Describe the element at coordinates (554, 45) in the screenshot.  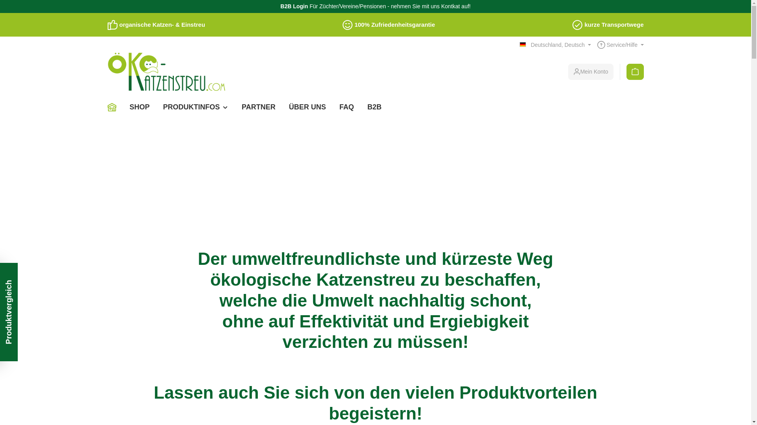
I see `'Deutschland, Deutsch'` at that location.